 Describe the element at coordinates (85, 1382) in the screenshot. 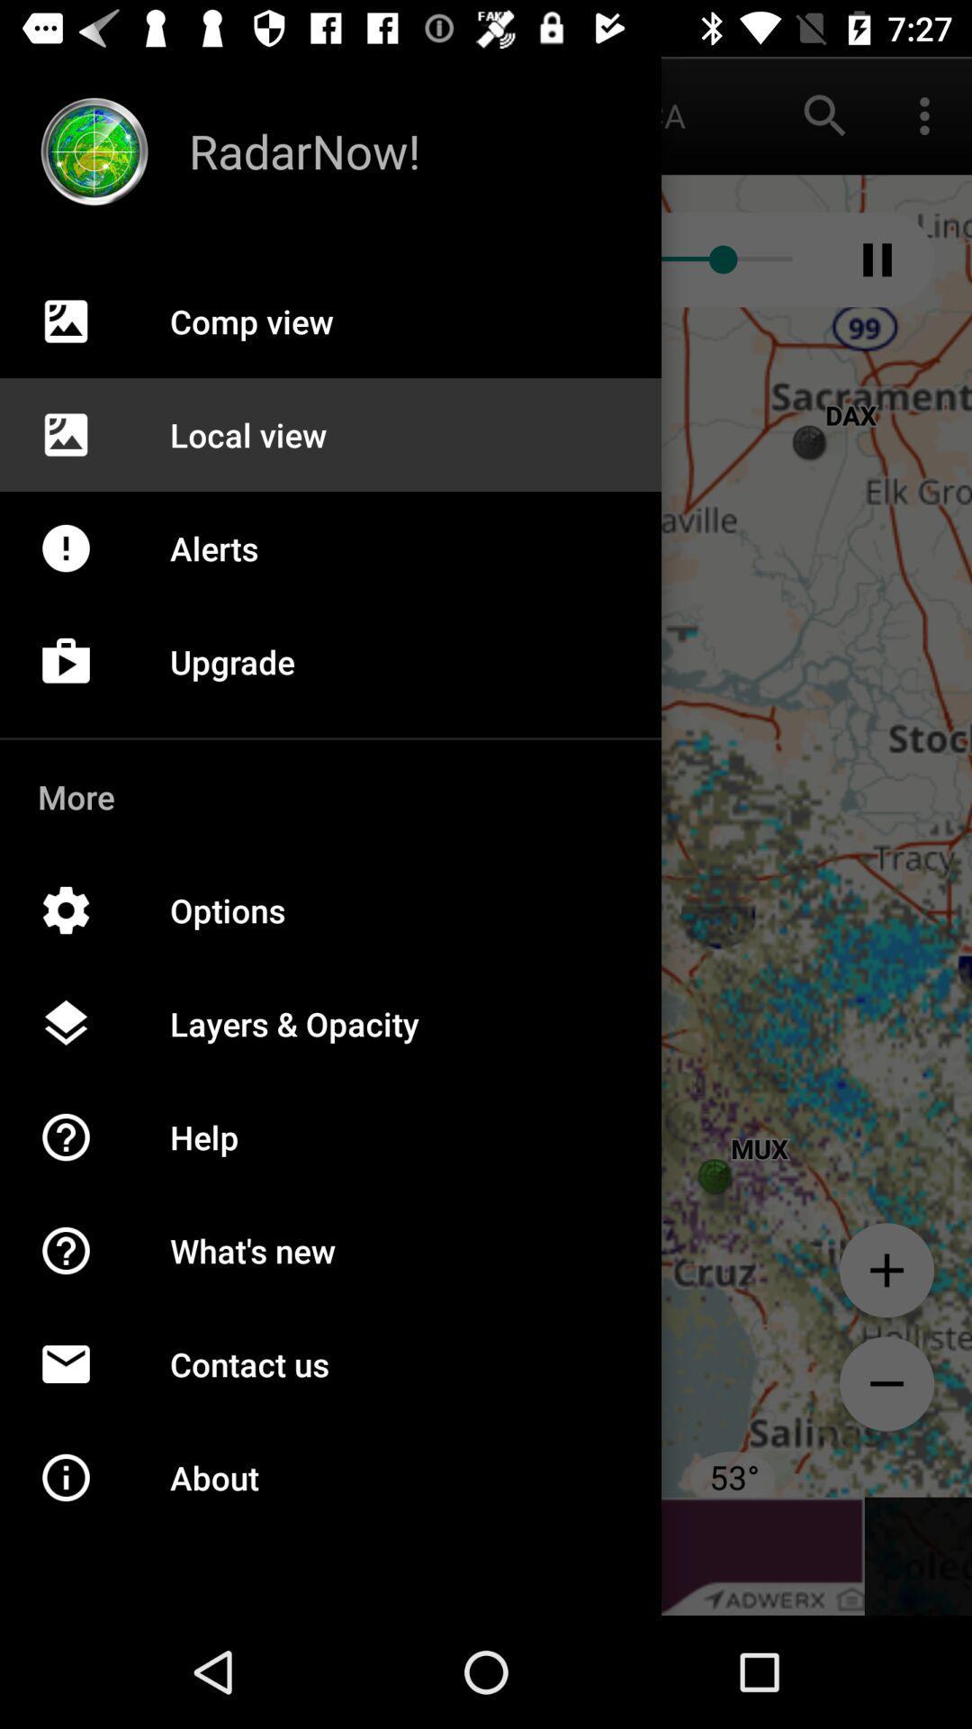

I see `the email icon` at that location.